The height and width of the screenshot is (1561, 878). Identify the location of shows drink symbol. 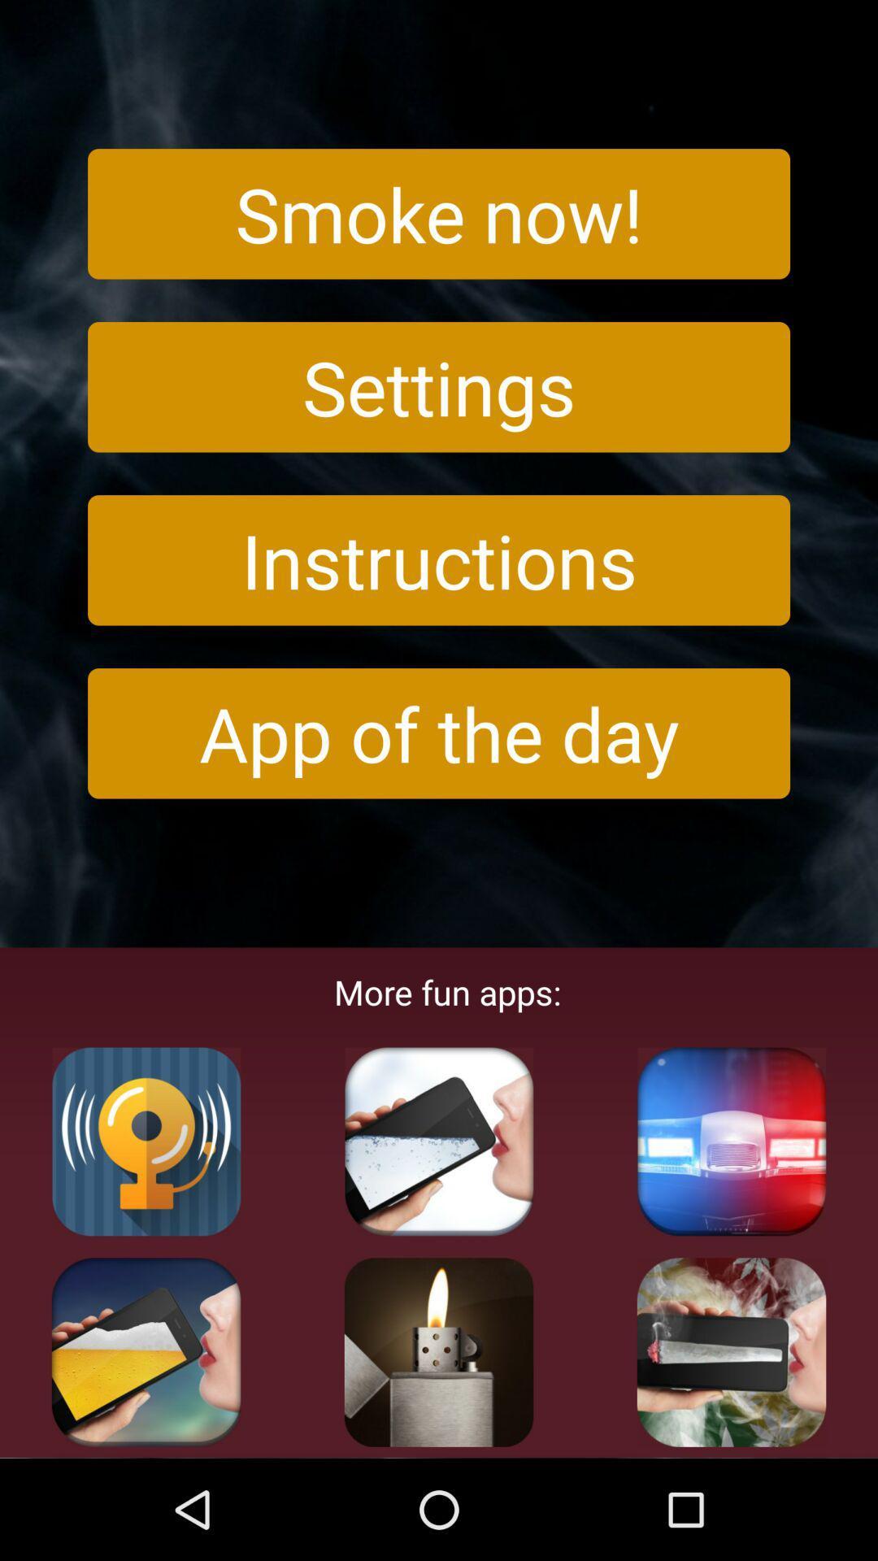
(146, 1352).